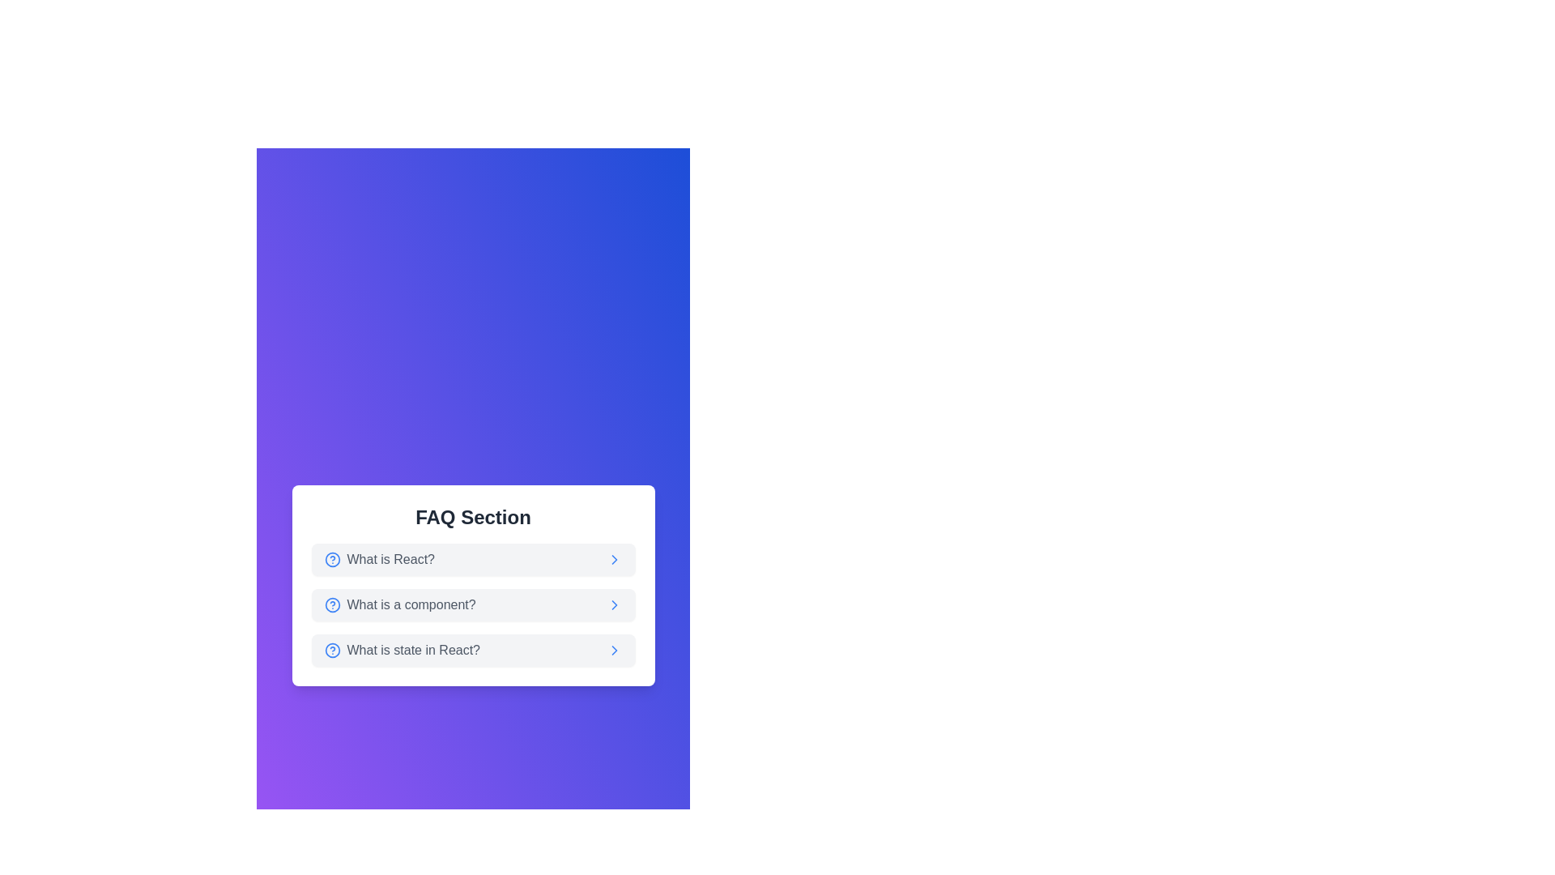  Describe the element at coordinates (613, 558) in the screenshot. I see `the rightward chevron icon (second in a series of three) located to the right of the question 'What is a component?' in the FAQ Section card` at that location.